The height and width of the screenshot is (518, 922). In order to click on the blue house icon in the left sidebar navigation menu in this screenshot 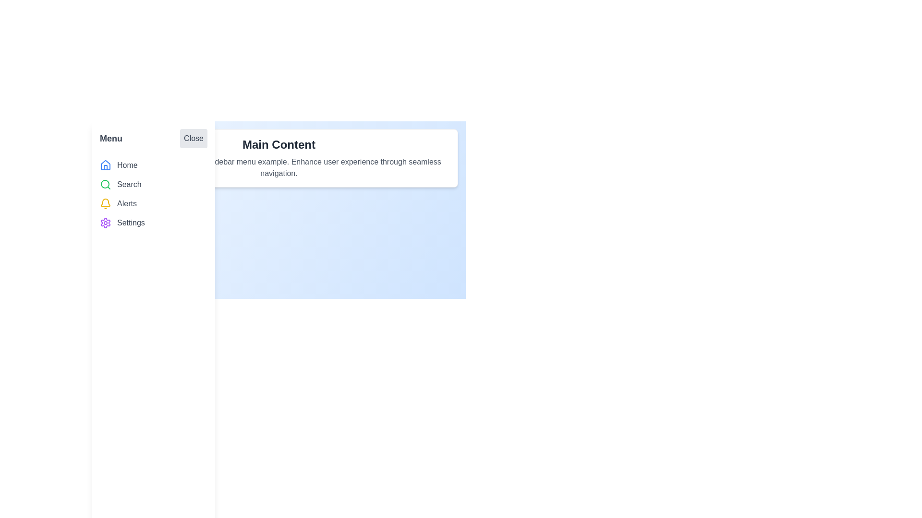, I will do `click(106, 165)`.